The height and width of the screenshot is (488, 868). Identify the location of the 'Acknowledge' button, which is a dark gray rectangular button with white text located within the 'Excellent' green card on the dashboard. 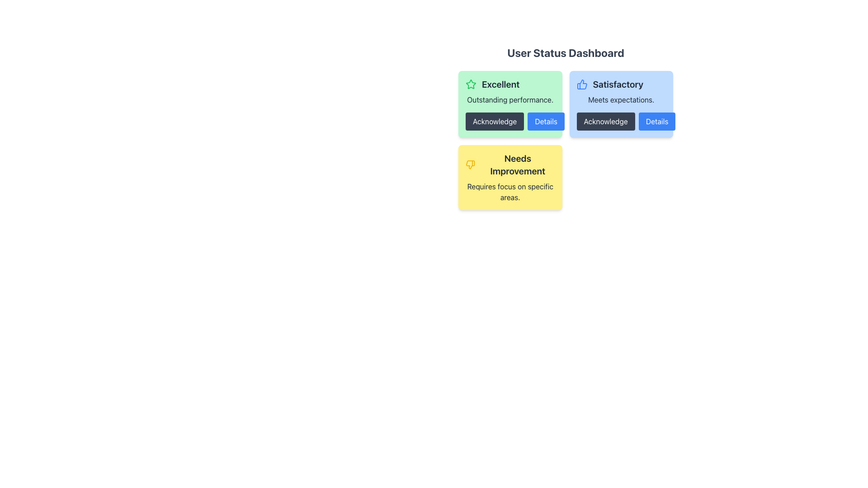
(510, 121).